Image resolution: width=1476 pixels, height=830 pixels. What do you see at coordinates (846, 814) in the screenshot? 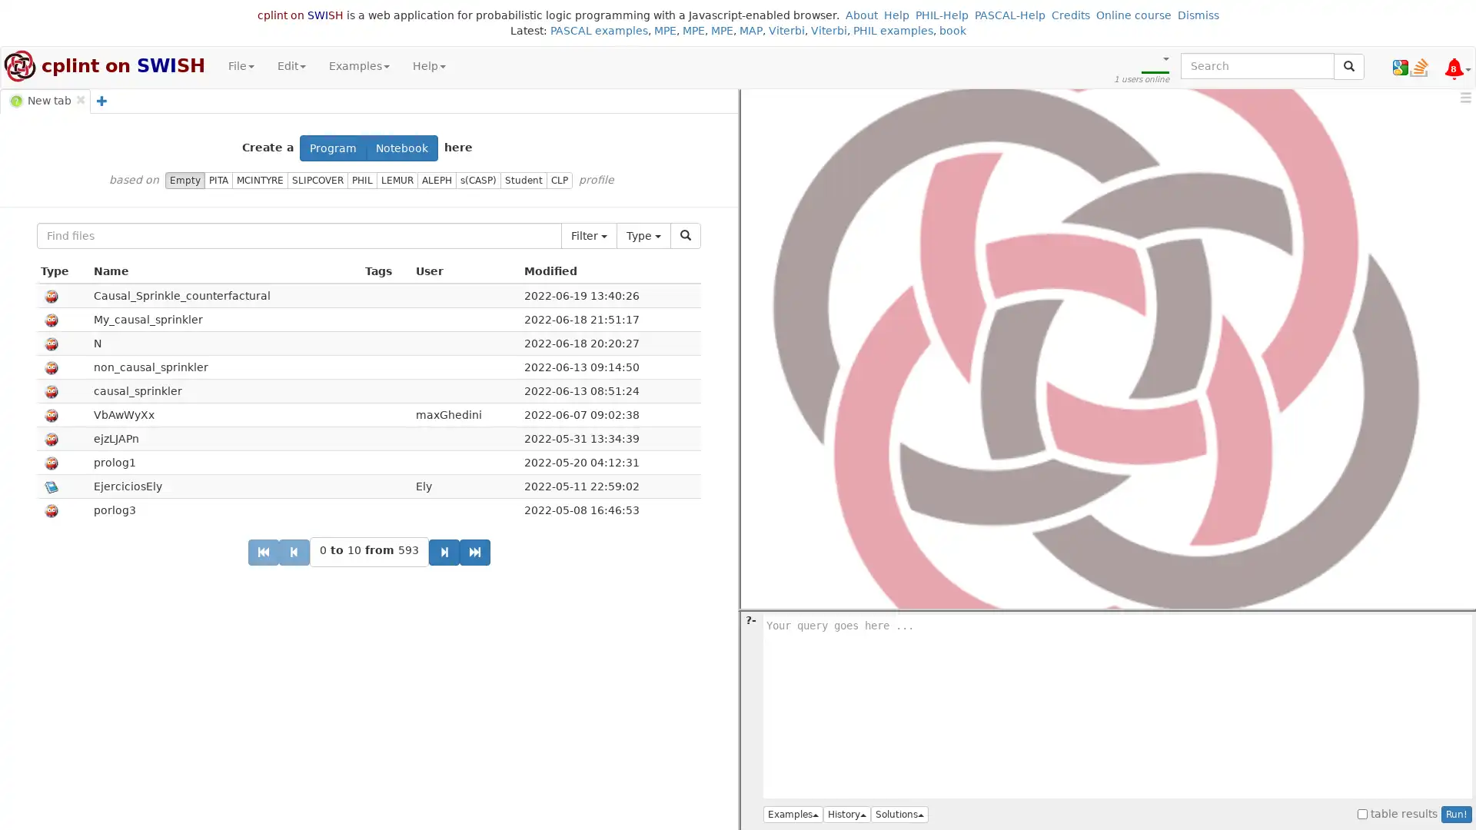
I see `History` at bounding box center [846, 814].